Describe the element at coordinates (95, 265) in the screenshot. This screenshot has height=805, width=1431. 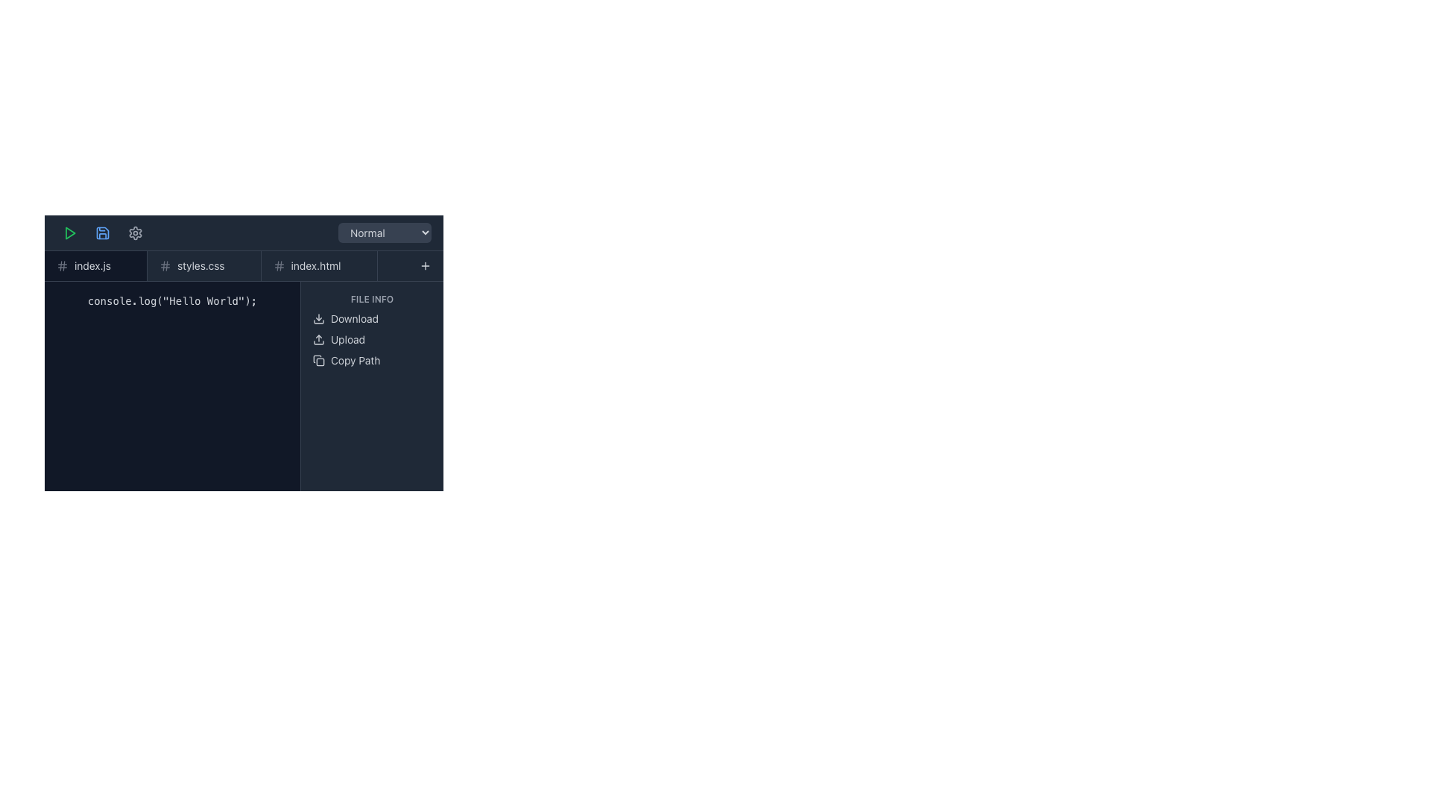
I see `the leftmost tab labeled 'index.js'` at that location.